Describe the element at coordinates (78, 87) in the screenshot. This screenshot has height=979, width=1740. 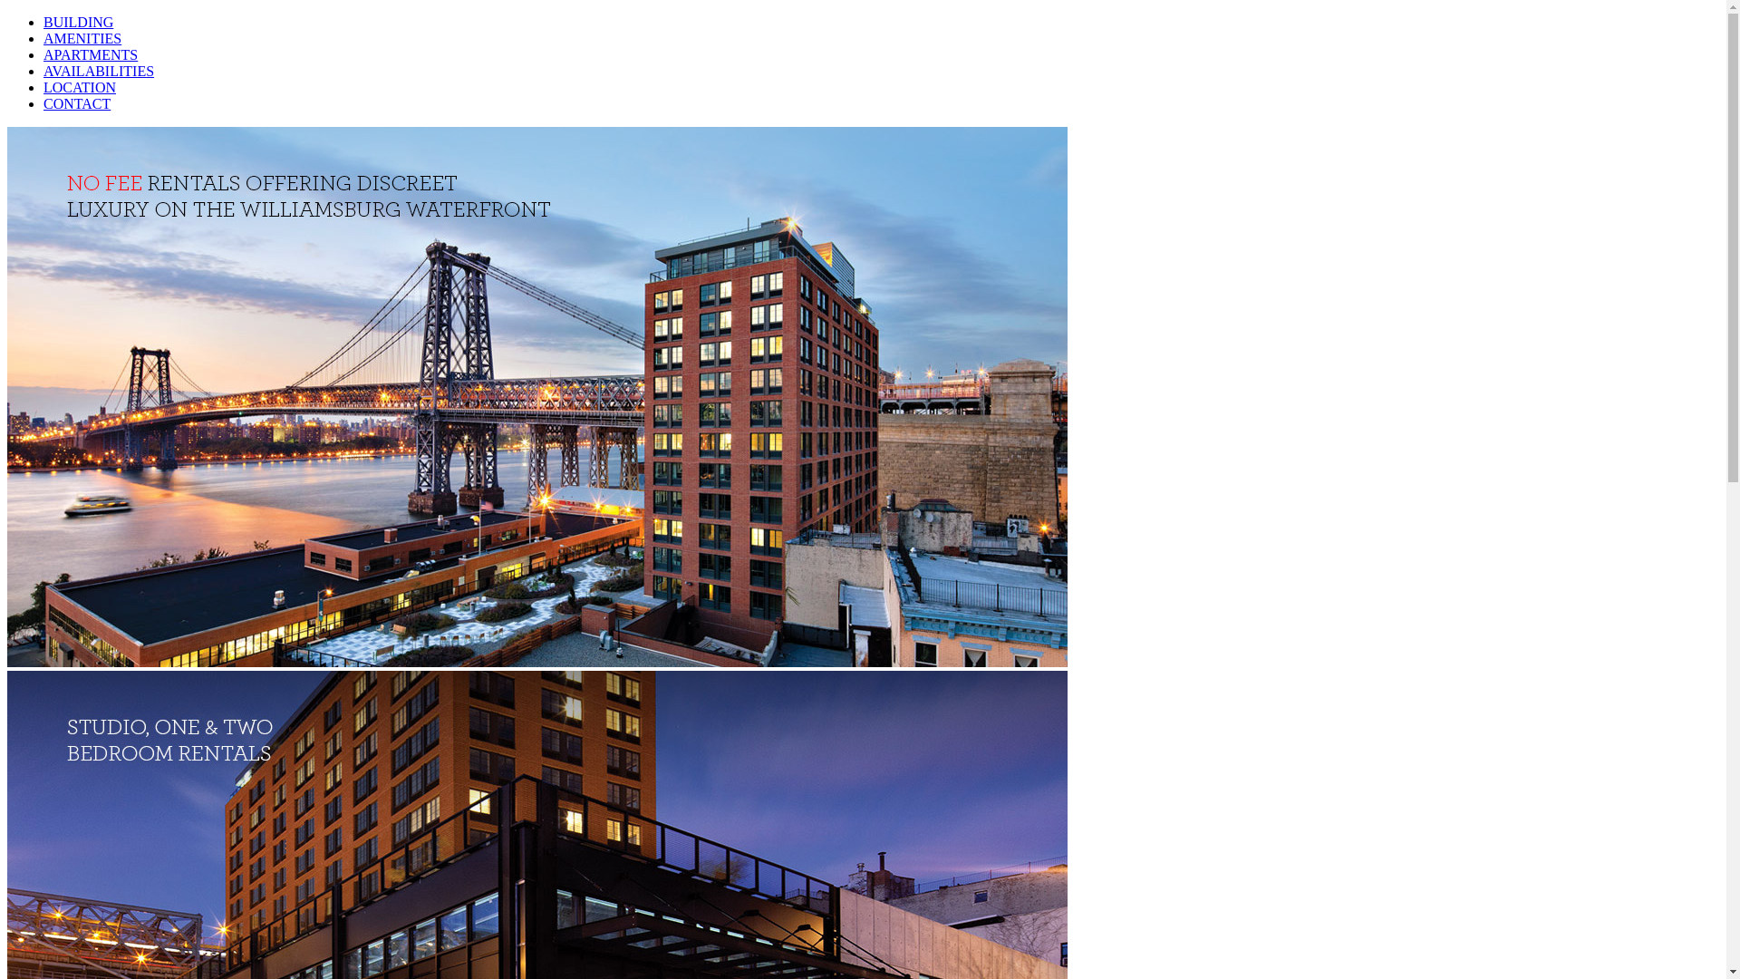
I see `'LOCATION'` at that location.